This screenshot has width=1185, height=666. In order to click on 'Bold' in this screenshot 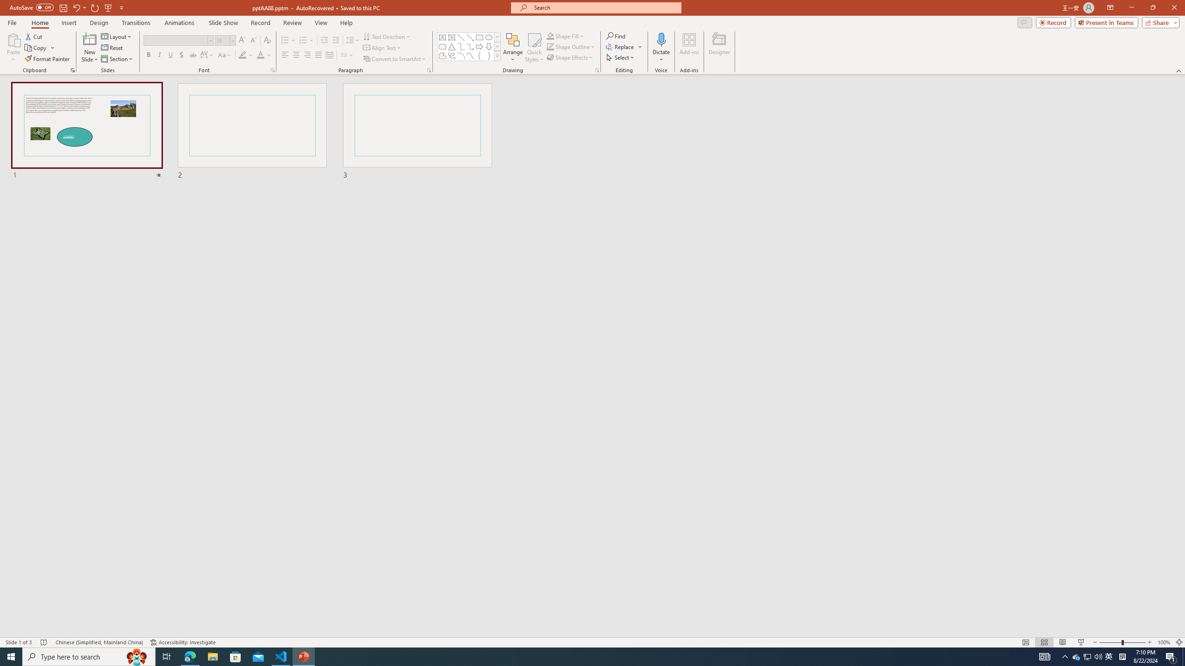, I will do `click(149, 55)`.